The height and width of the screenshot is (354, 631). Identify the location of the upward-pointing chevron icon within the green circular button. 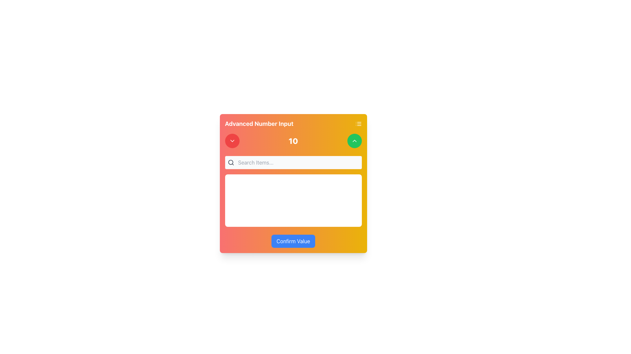
(354, 140).